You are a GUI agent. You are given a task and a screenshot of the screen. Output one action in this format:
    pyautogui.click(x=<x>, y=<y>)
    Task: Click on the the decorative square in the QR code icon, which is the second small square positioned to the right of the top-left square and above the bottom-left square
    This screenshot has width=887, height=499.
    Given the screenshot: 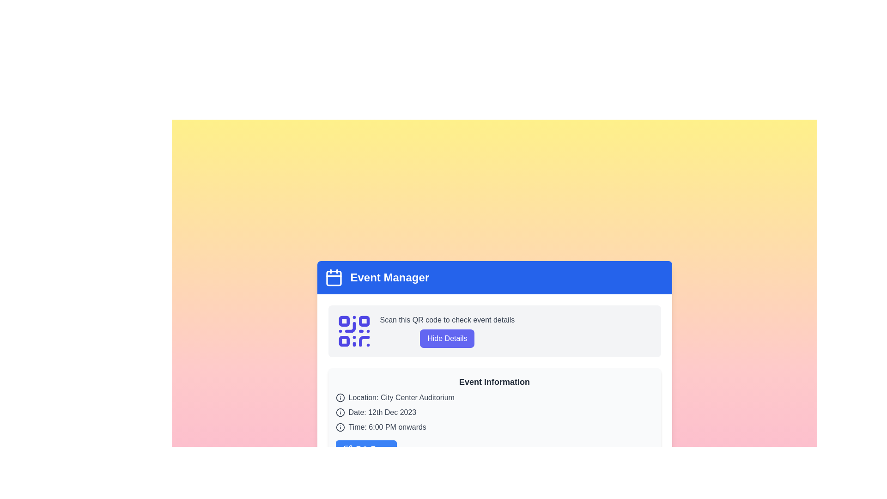 What is the action you would take?
    pyautogui.click(x=364, y=321)
    